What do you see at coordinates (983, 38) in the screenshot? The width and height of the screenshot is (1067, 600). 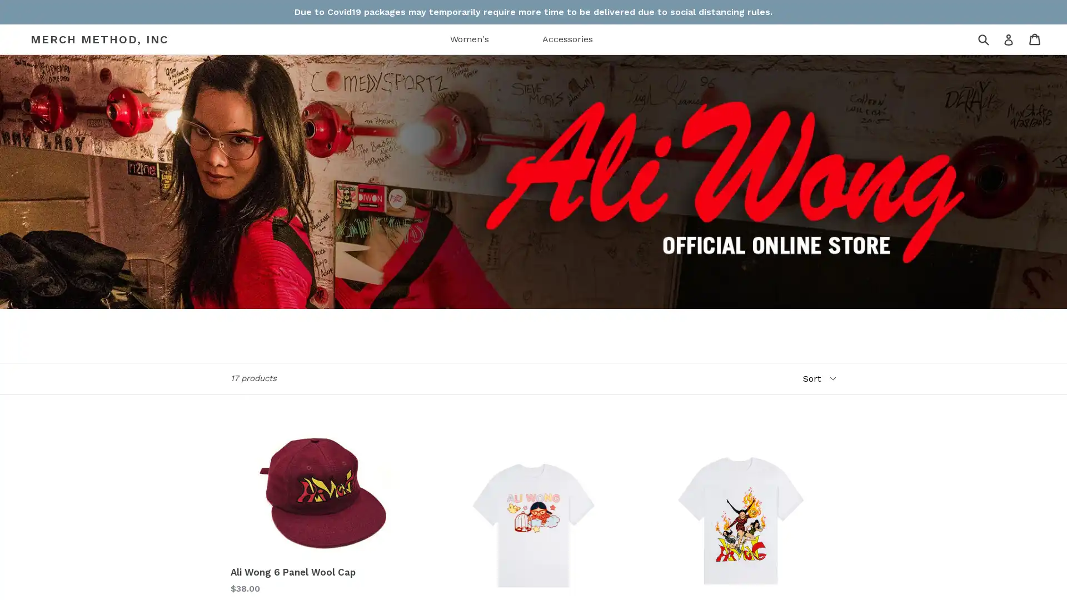 I see `Submit` at bounding box center [983, 38].